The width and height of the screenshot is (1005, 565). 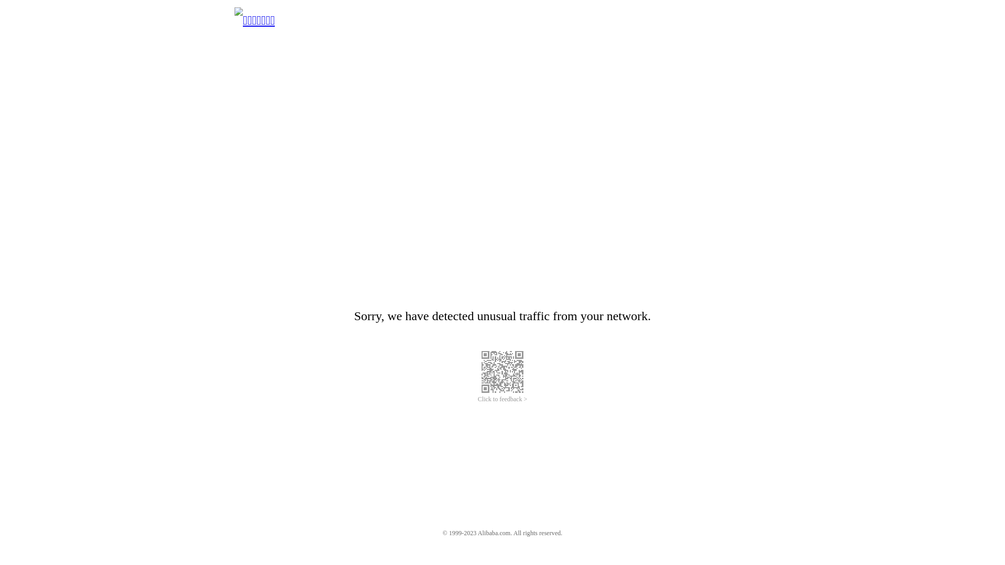 I want to click on 'Click to feedback >', so click(x=477, y=399).